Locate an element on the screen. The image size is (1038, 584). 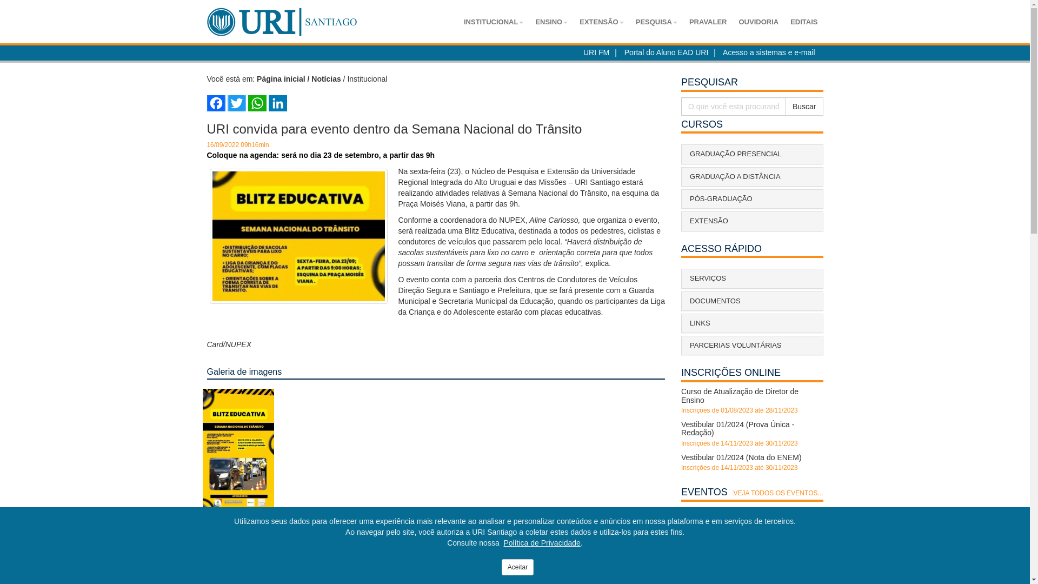
'Aceitar' is located at coordinates (517, 567).